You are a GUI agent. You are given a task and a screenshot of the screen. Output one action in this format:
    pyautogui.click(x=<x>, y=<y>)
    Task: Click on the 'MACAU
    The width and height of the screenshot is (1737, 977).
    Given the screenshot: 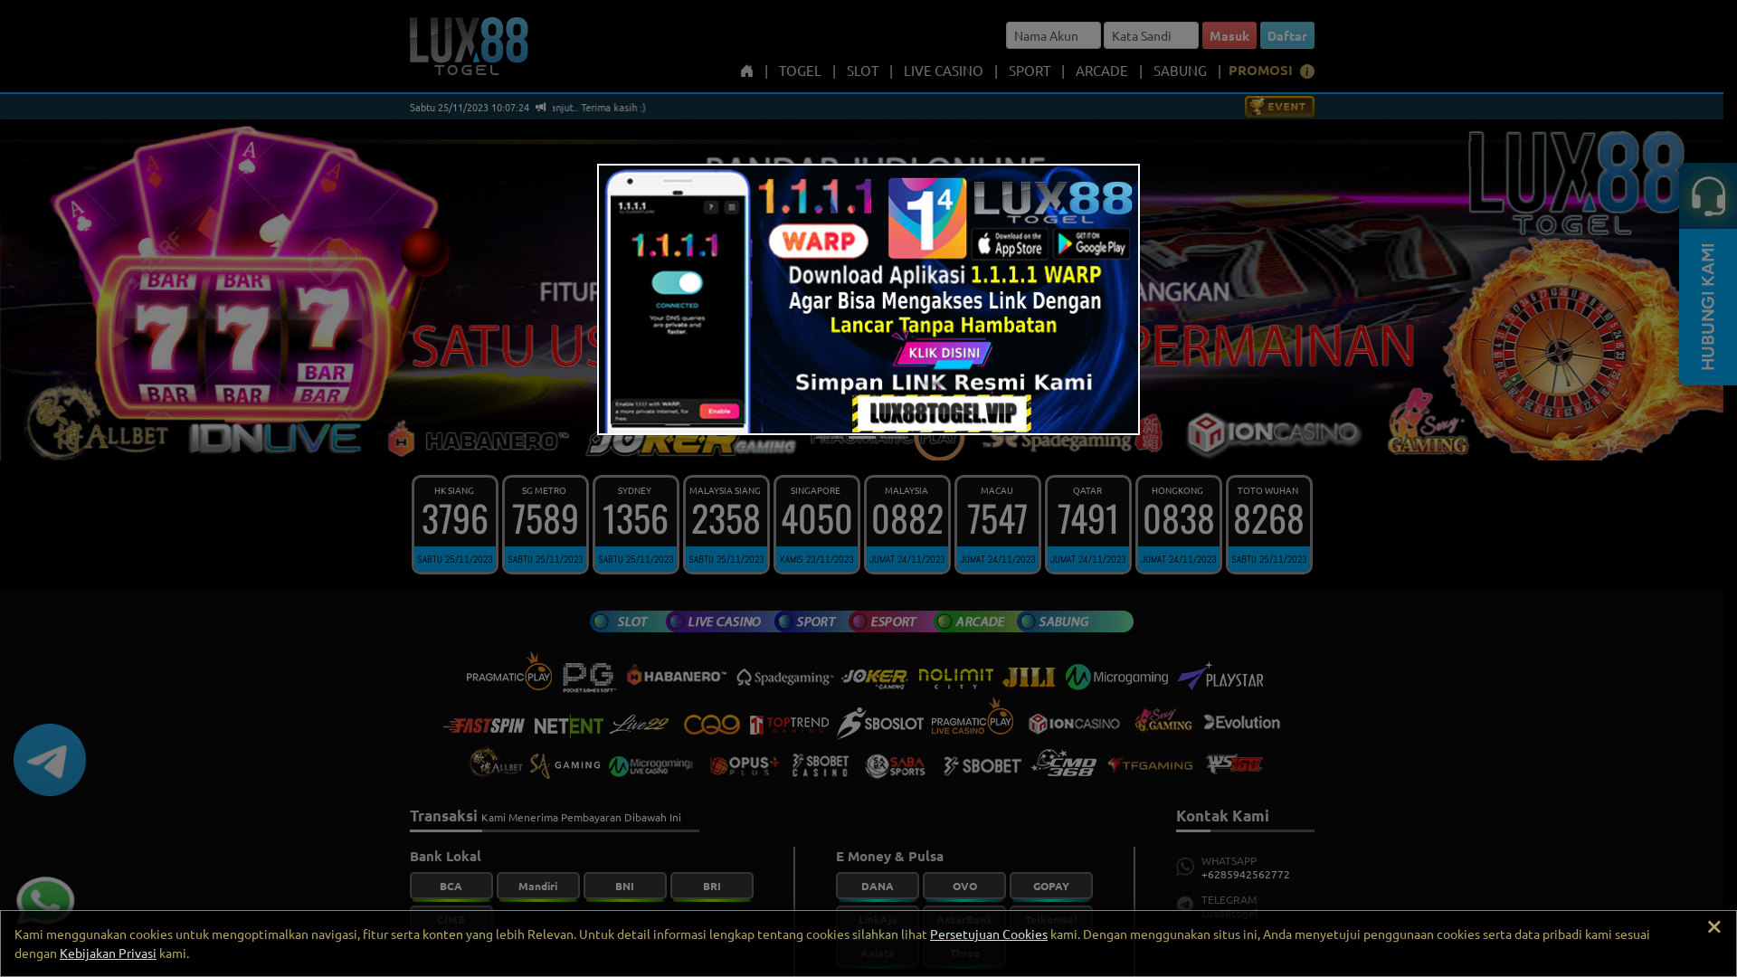 What is the action you would take?
    pyautogui.click(x=996, y=524)
    